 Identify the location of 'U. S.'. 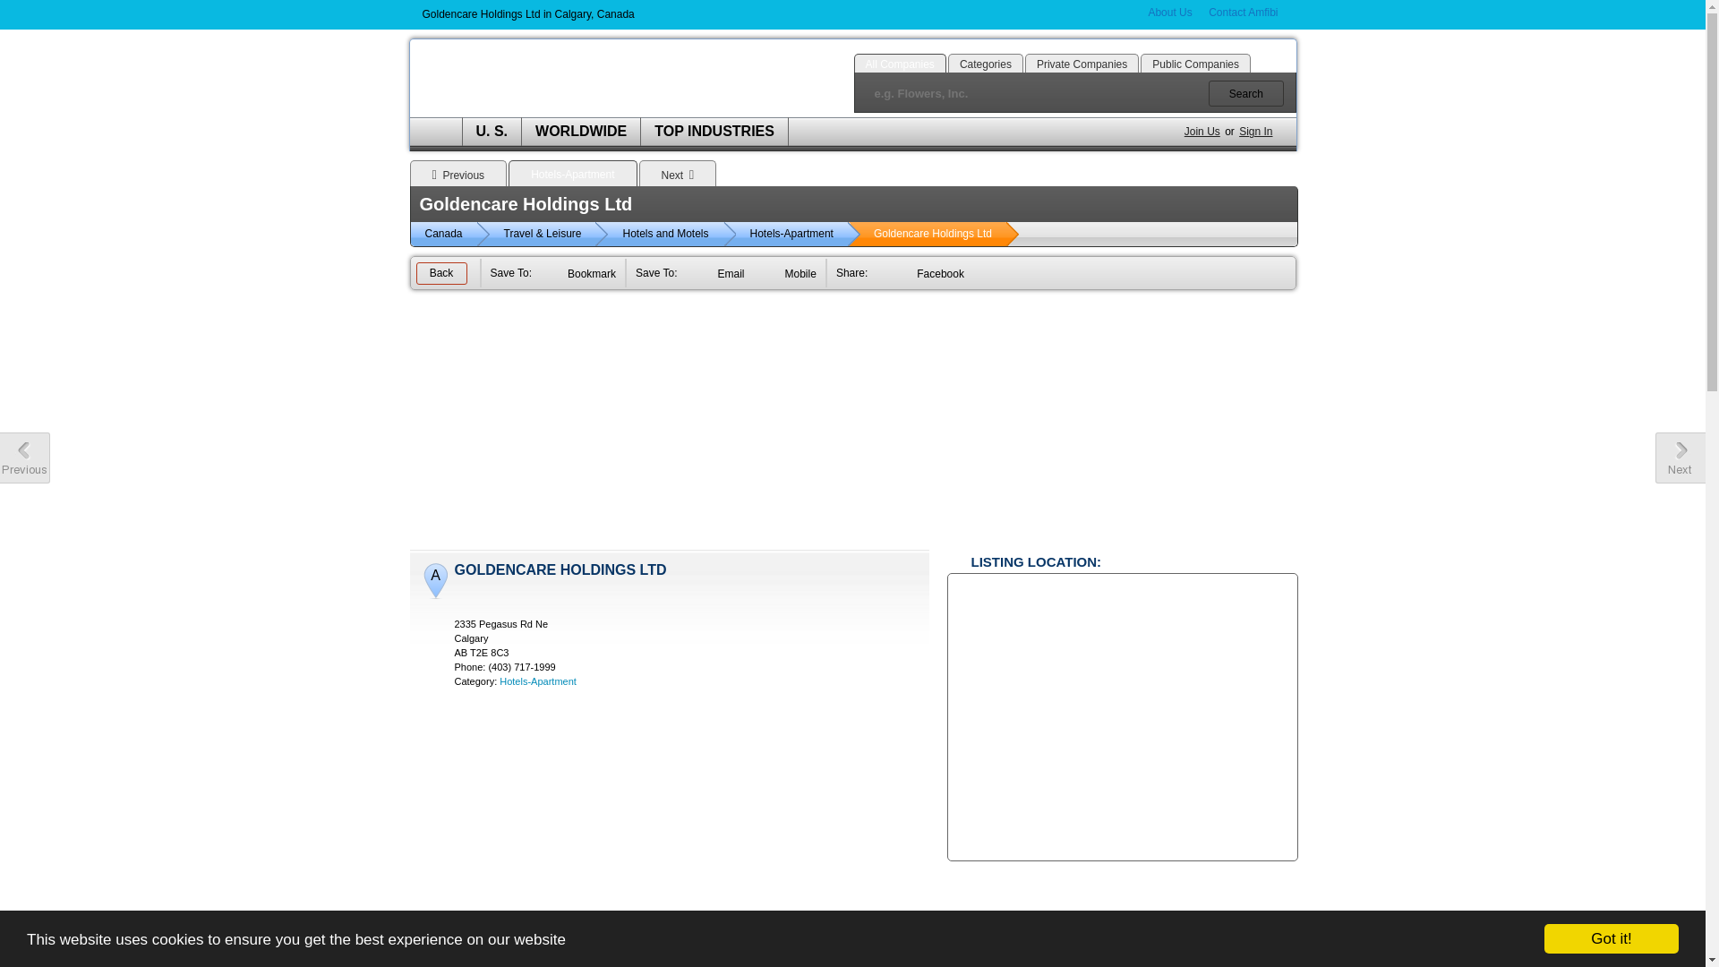
(491, 130).